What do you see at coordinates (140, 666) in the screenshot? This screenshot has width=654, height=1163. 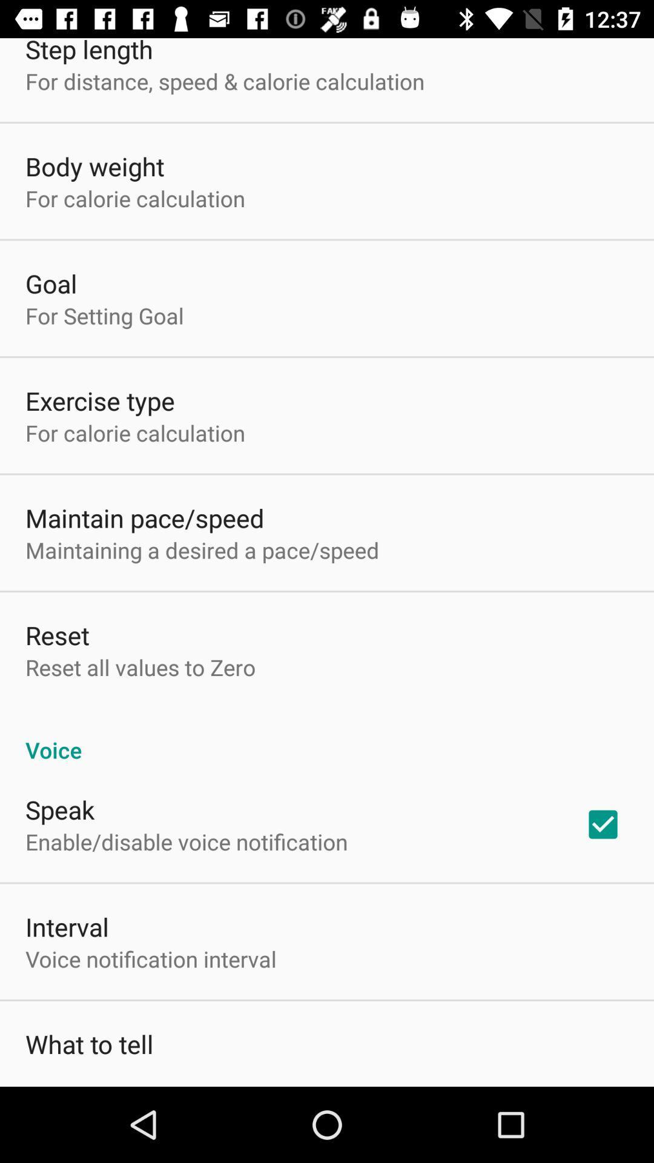 I see `reset all values item` at bounding box center [140, 666].